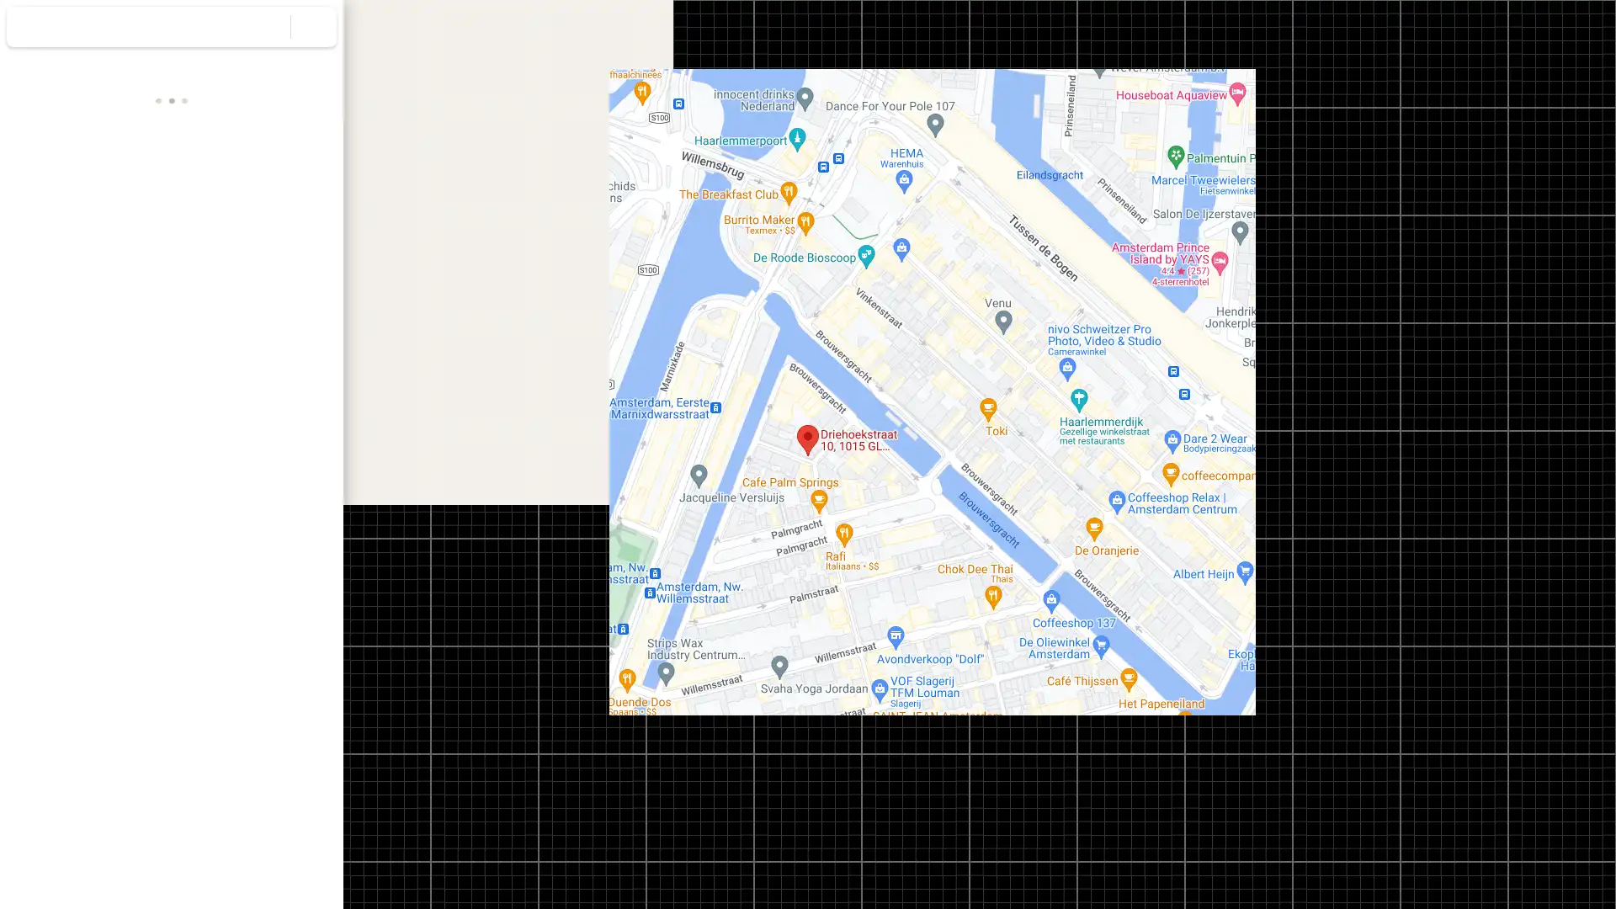  Describe the element at coordinates (171, 288) in the screenshot. I see `Zoeken in de buurt van Driehoekstraat 10` at that location.